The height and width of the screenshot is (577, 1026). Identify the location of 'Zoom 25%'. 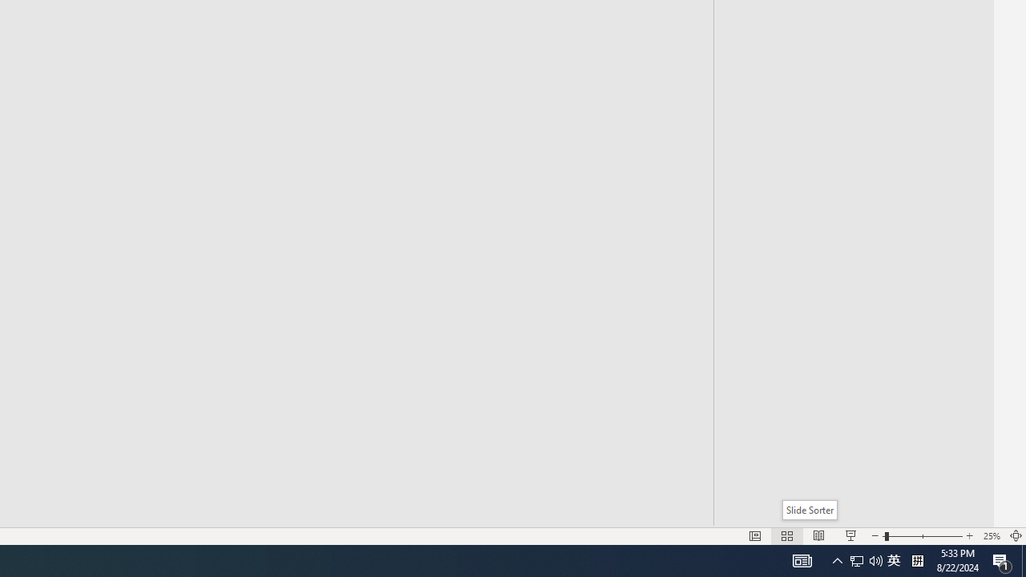
(991, 536).